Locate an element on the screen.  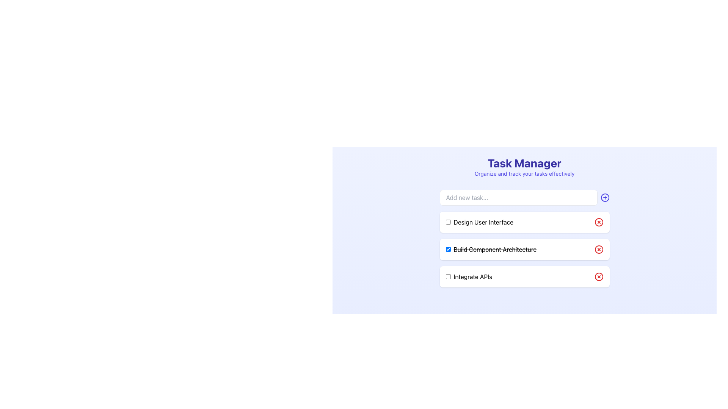
the delete button located at the far right of the 'Integrate APIs' card is located at coordinates (598, 277).